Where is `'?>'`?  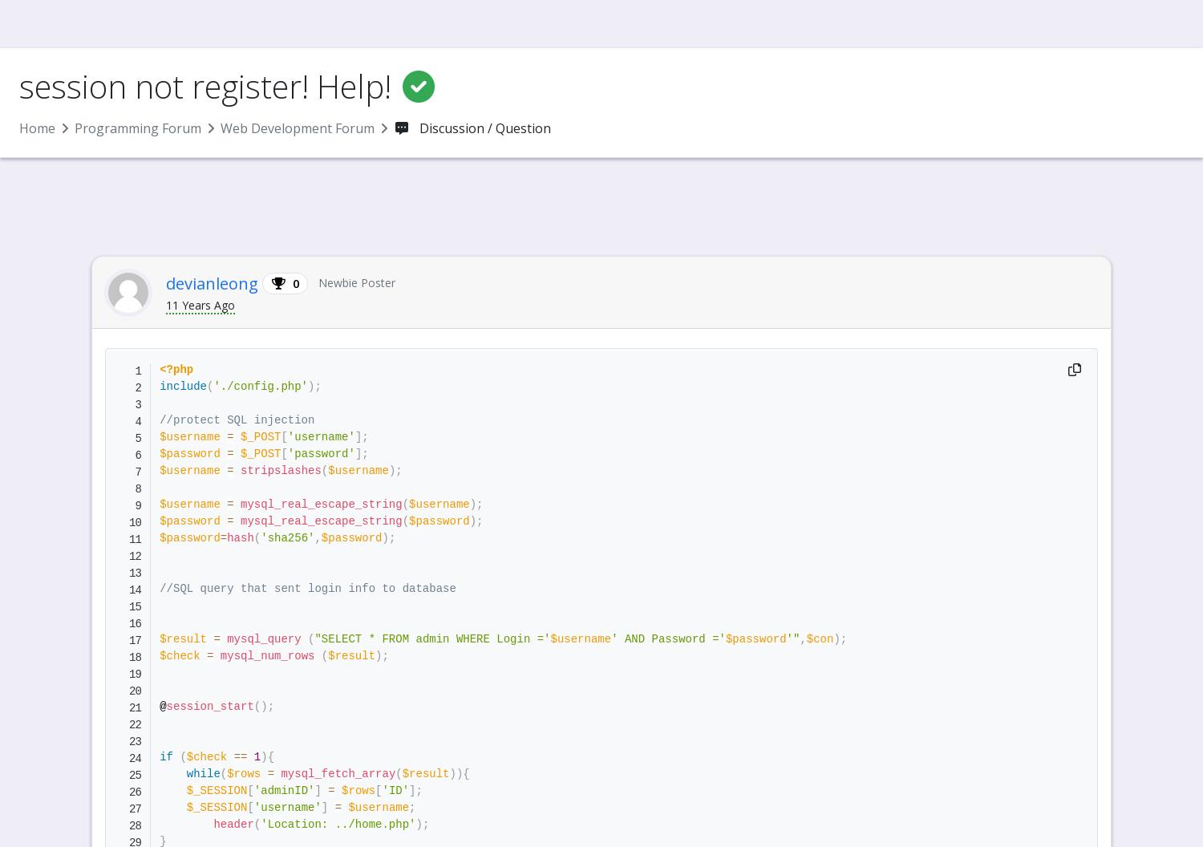
'?>' is located at coordinates (233, 155).